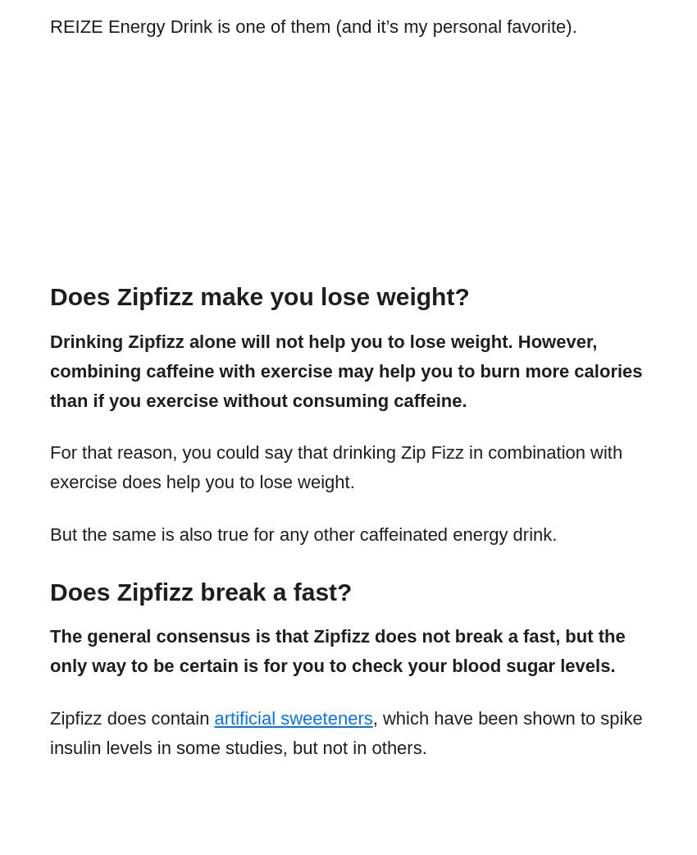 This screenshot has width=697, height=855. I want to click on 'Does Zipfizz make you lose weight?', so click(259, 295).